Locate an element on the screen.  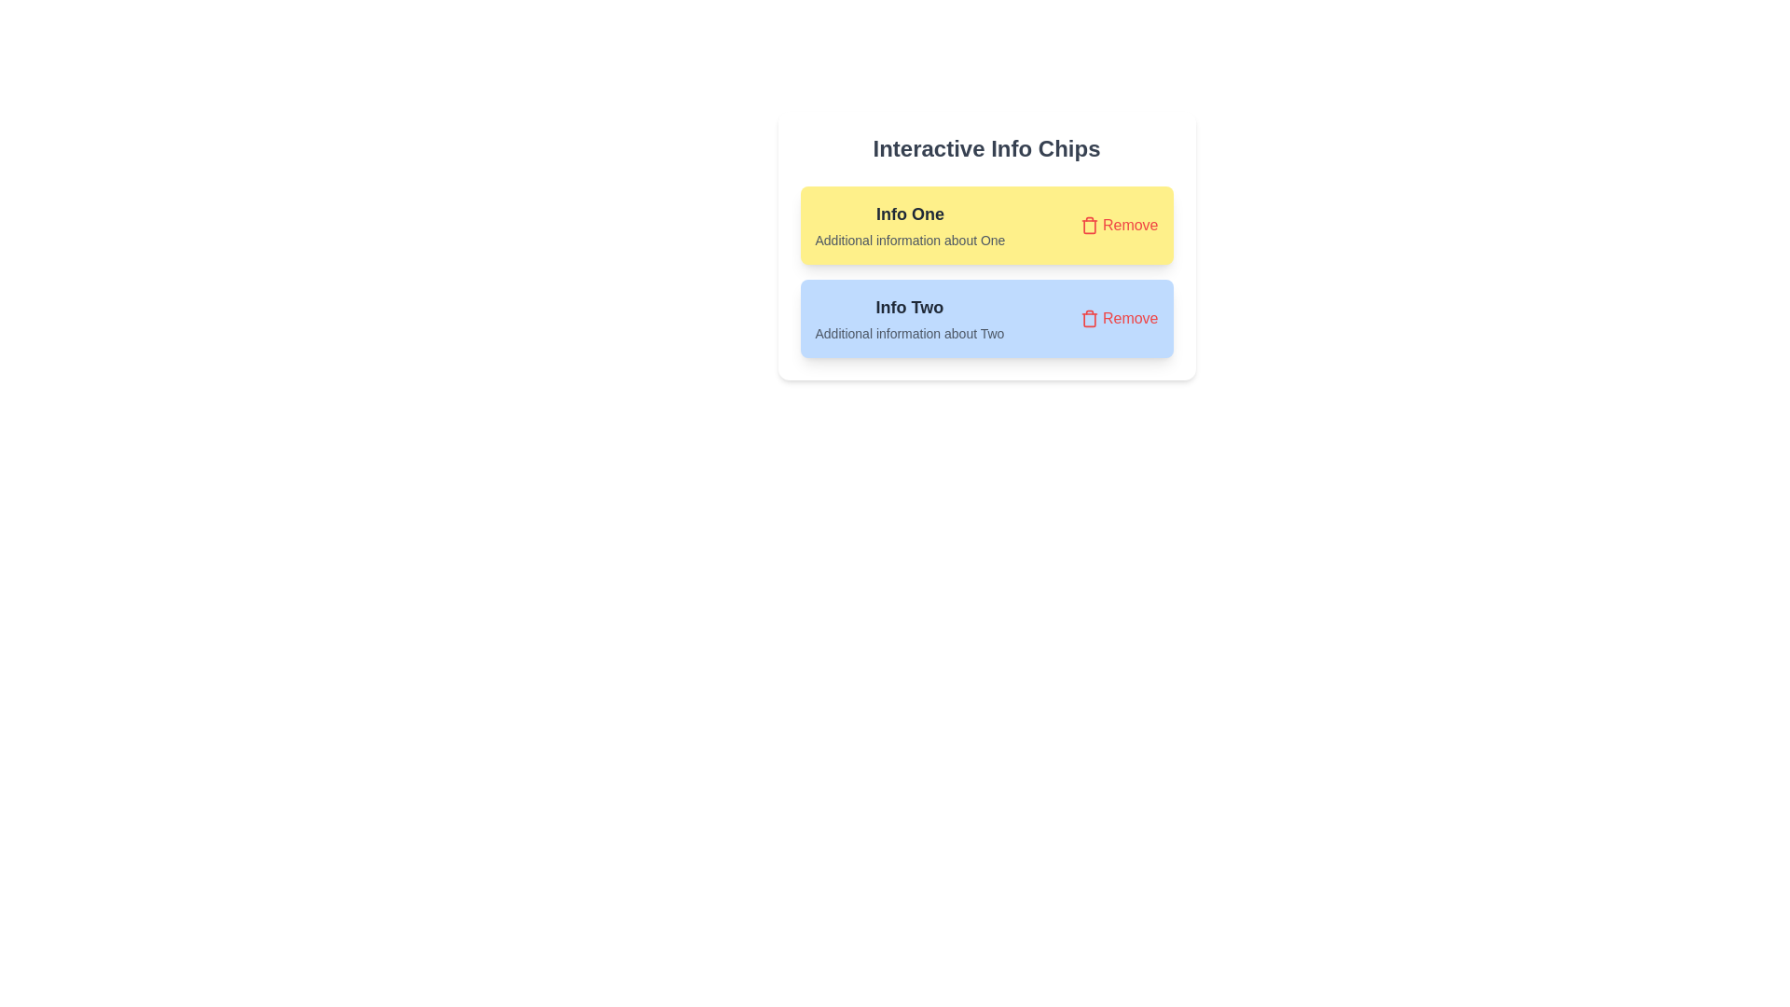
'Remove' button for the chip labeled 'Info Two' is located at coordinates (1119, 318).